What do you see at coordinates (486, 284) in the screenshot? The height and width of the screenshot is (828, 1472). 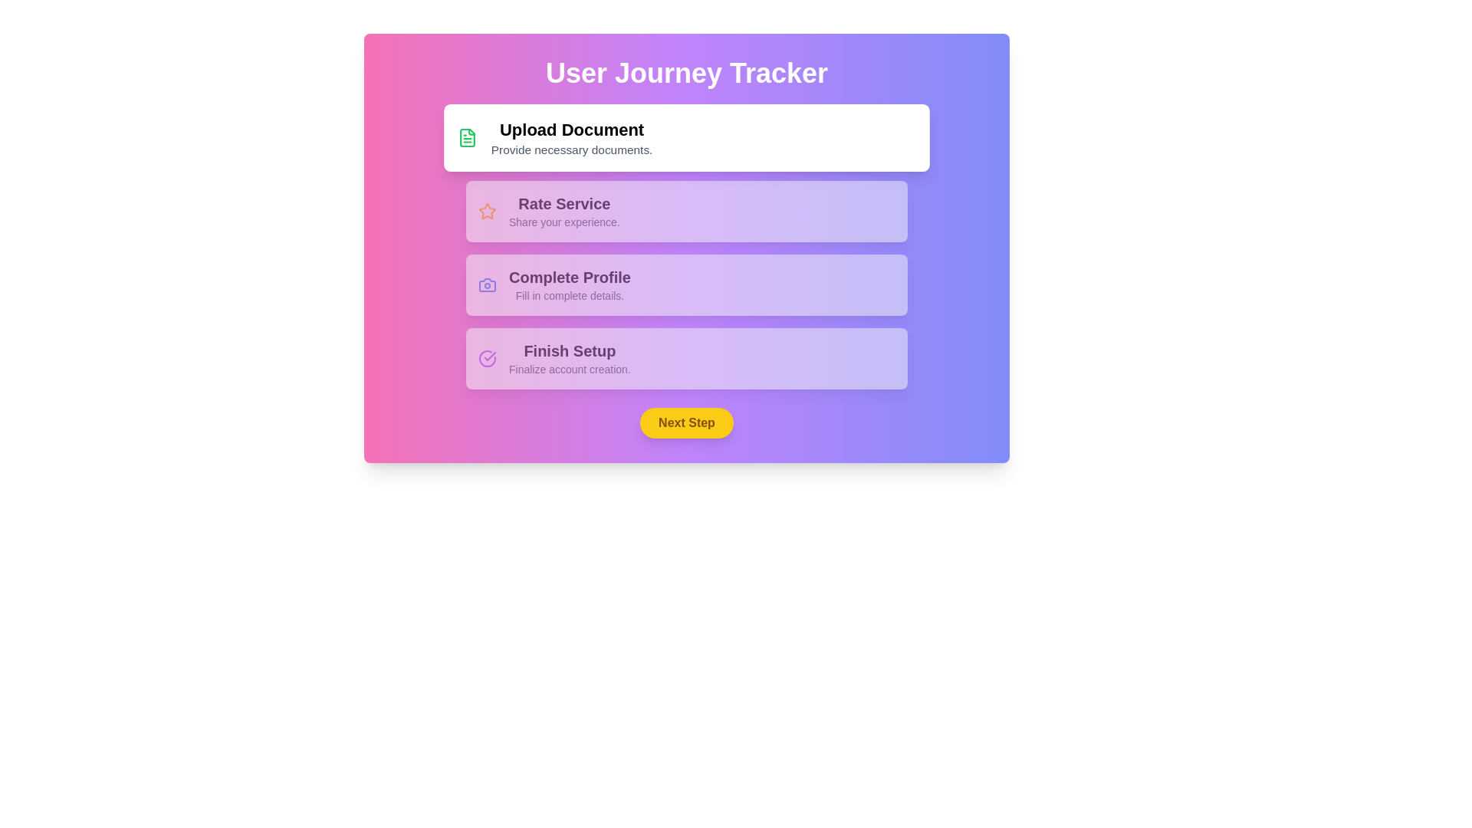 I see `the 'Complete Profile' icon, which is positioned to the left of the title text 'Complete Profile' within the Complete Profile section` at bounding box center [486, 284].